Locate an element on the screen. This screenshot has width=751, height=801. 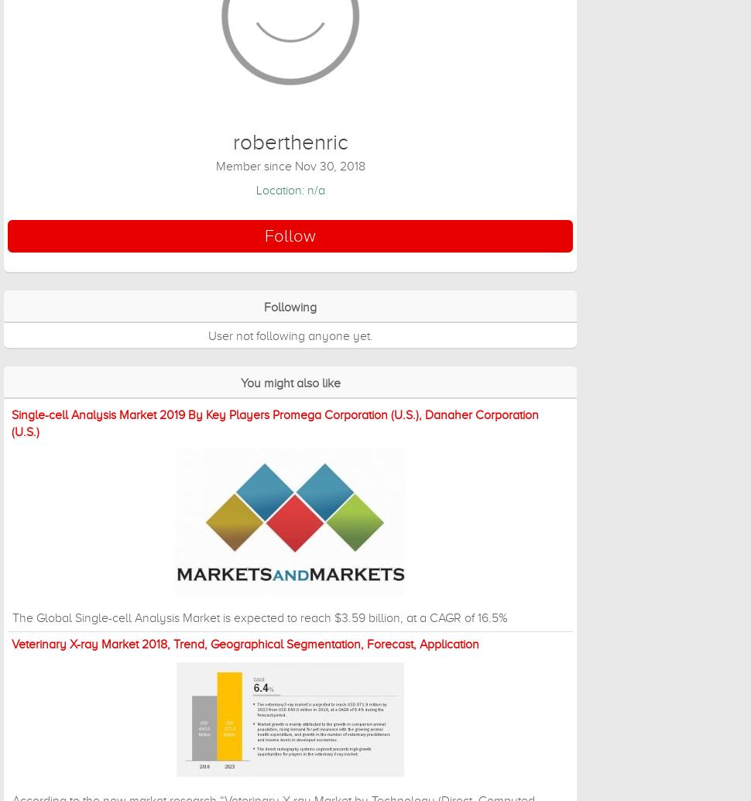
'Following' is located at coordinates (290, 306).